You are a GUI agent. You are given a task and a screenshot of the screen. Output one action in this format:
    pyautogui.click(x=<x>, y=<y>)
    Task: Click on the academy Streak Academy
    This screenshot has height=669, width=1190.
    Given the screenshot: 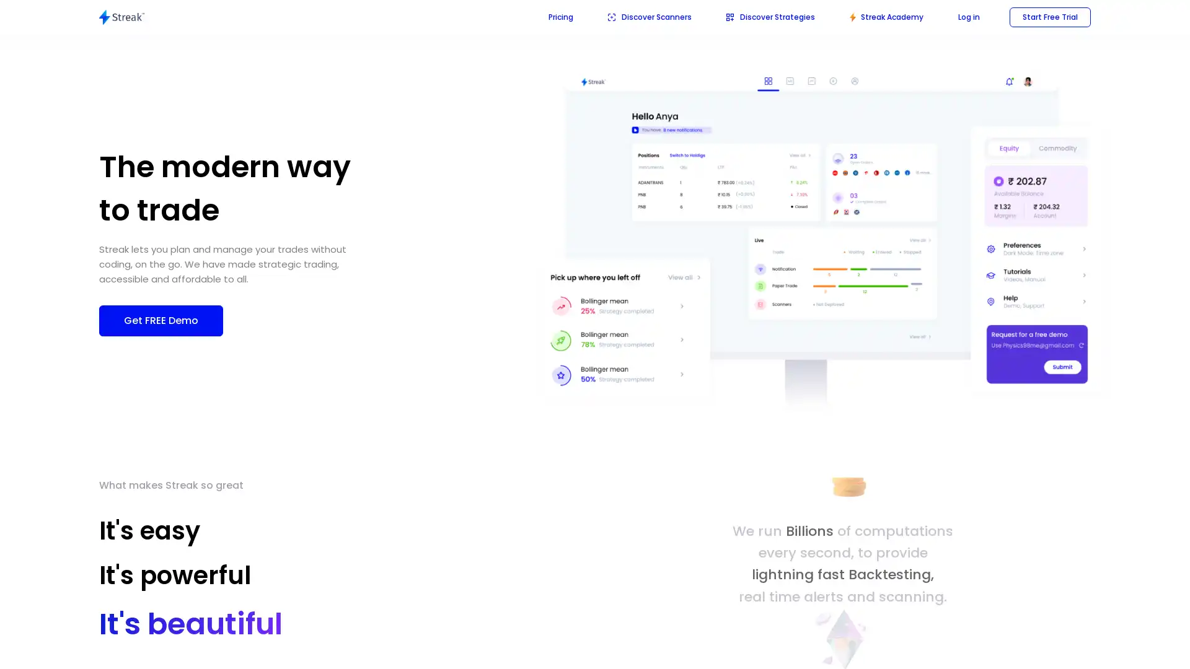 What is the action you would take?
    pyautogui.click(x=886, y=17)
    